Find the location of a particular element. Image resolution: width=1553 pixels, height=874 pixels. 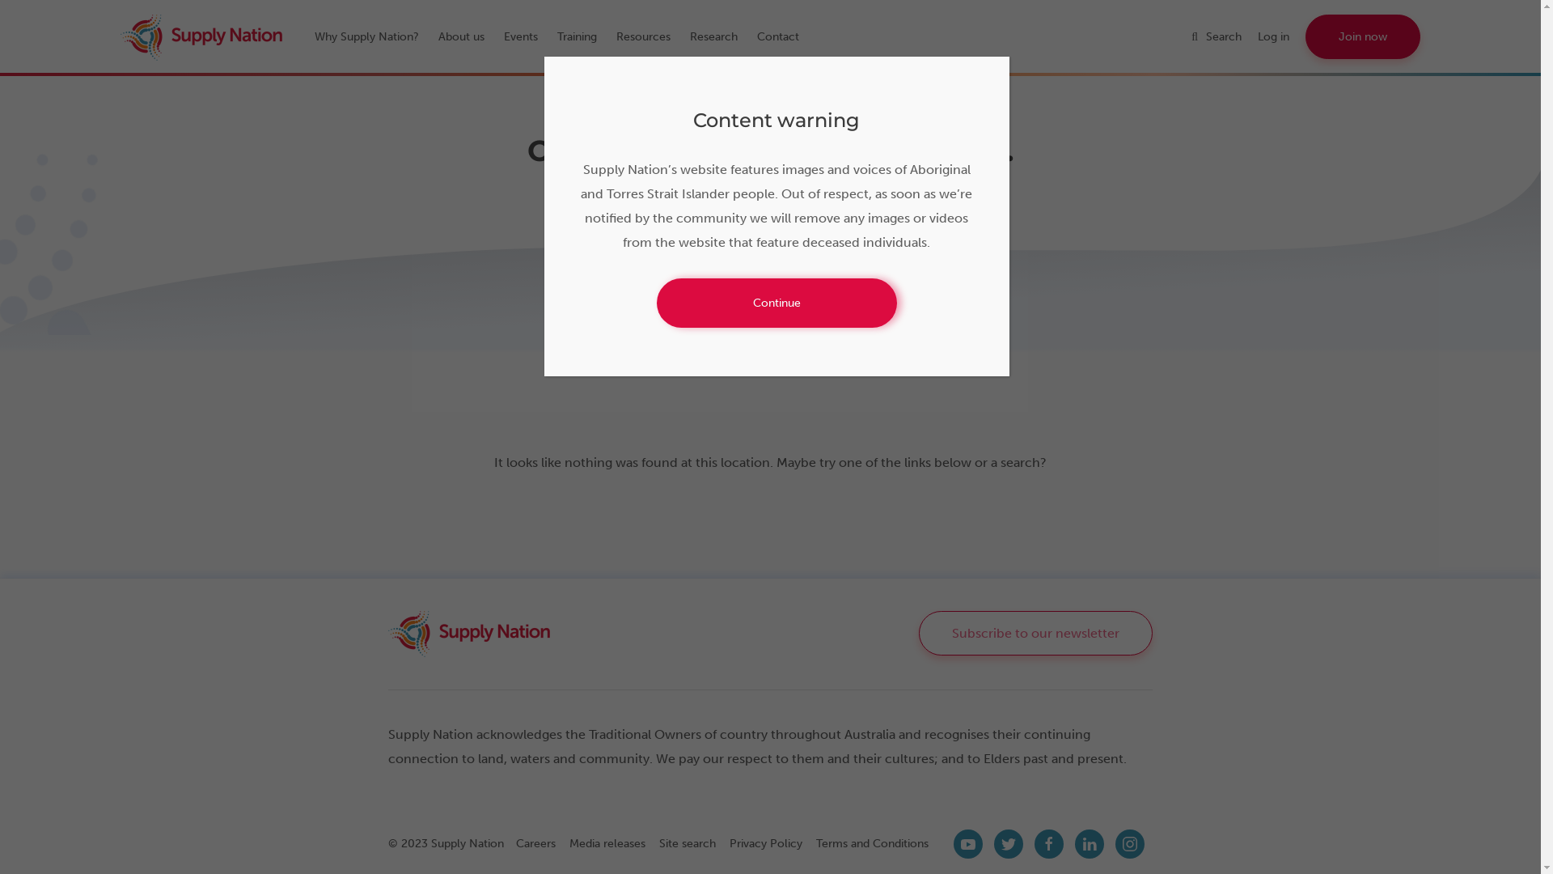

'Supply Nation on Instagram' is located at coordinates (1128, 842).